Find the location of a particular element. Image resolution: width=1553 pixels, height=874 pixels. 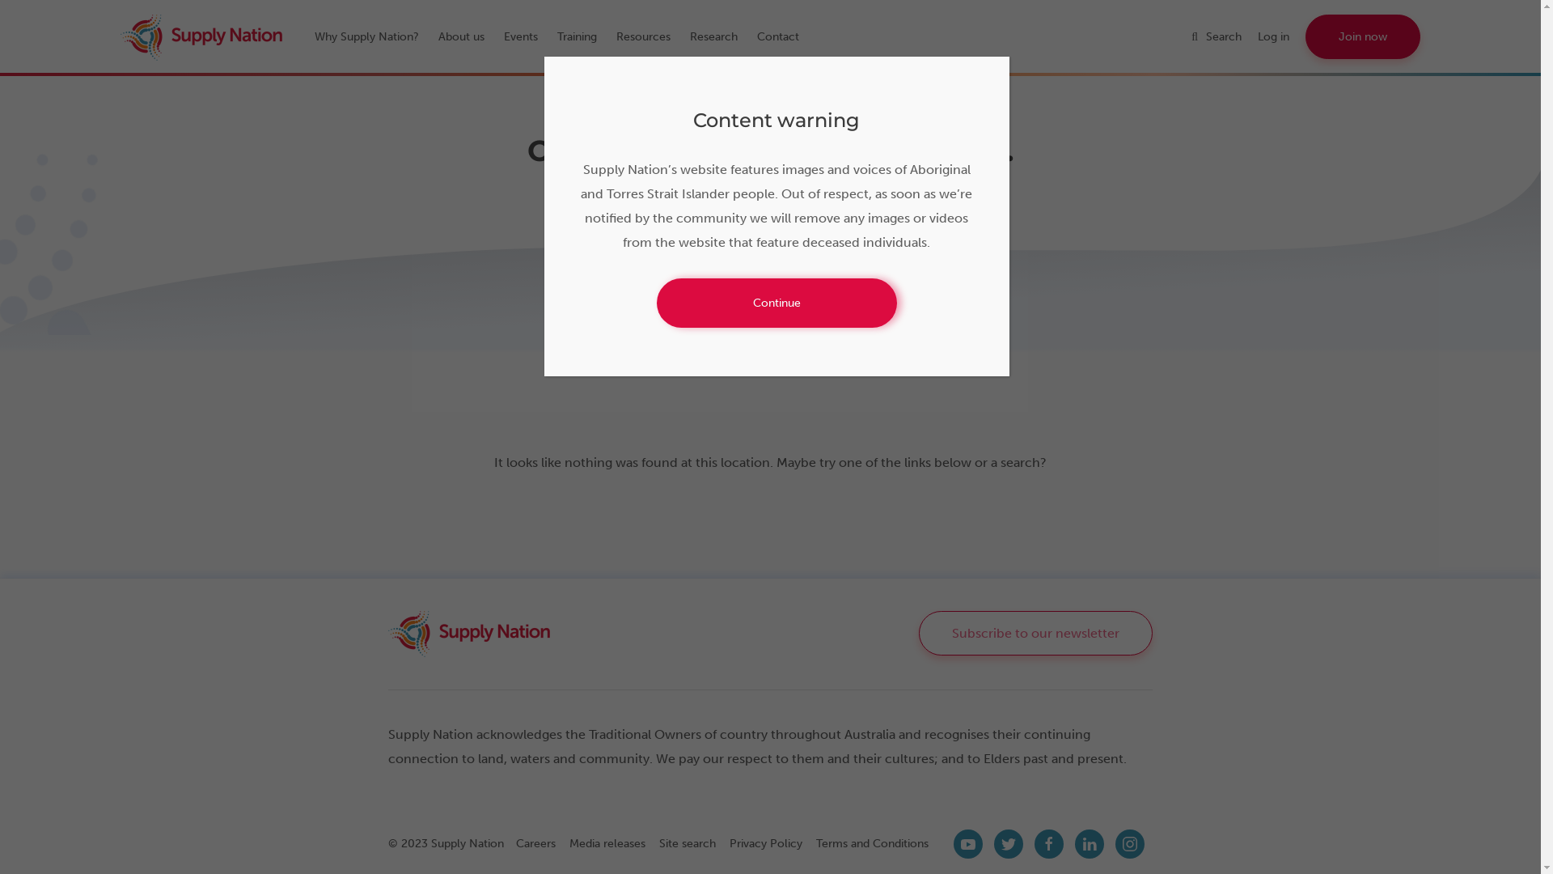

'Supply Nation on Instagram' is located at coordinates (1128, 842).